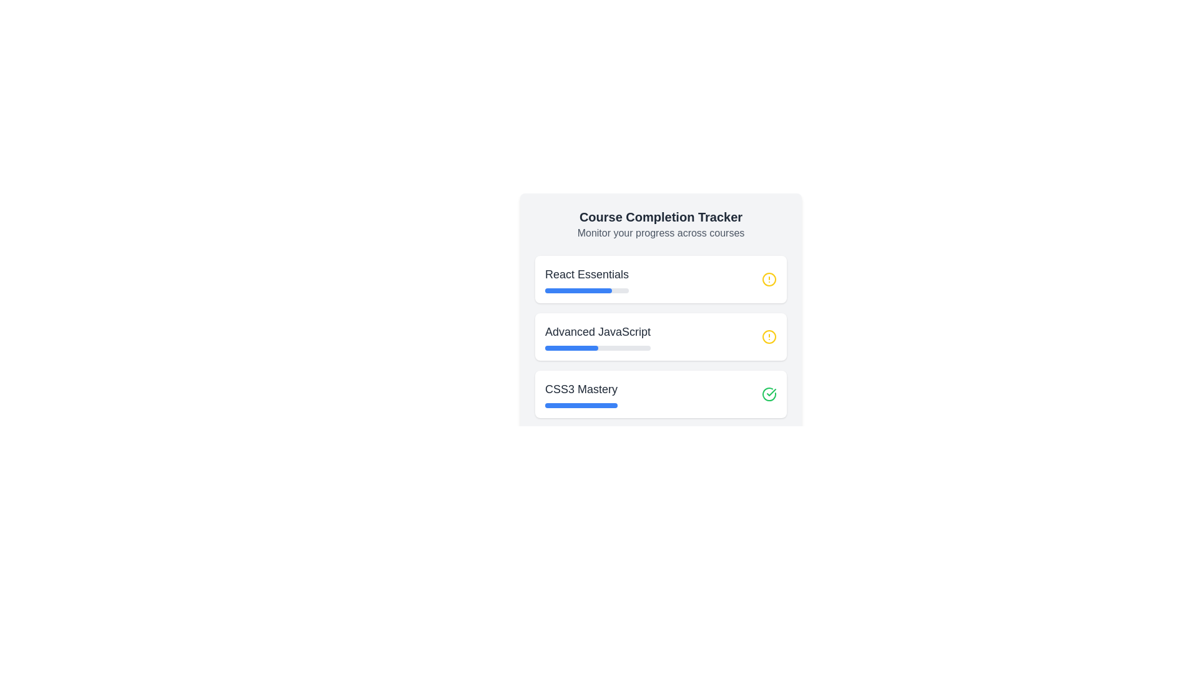  Describe the element at coordinates (769, 278) in the screenshot. I see `the alert status circle icon associated with the 'Advanced JavaScript' progress entry` at that location.